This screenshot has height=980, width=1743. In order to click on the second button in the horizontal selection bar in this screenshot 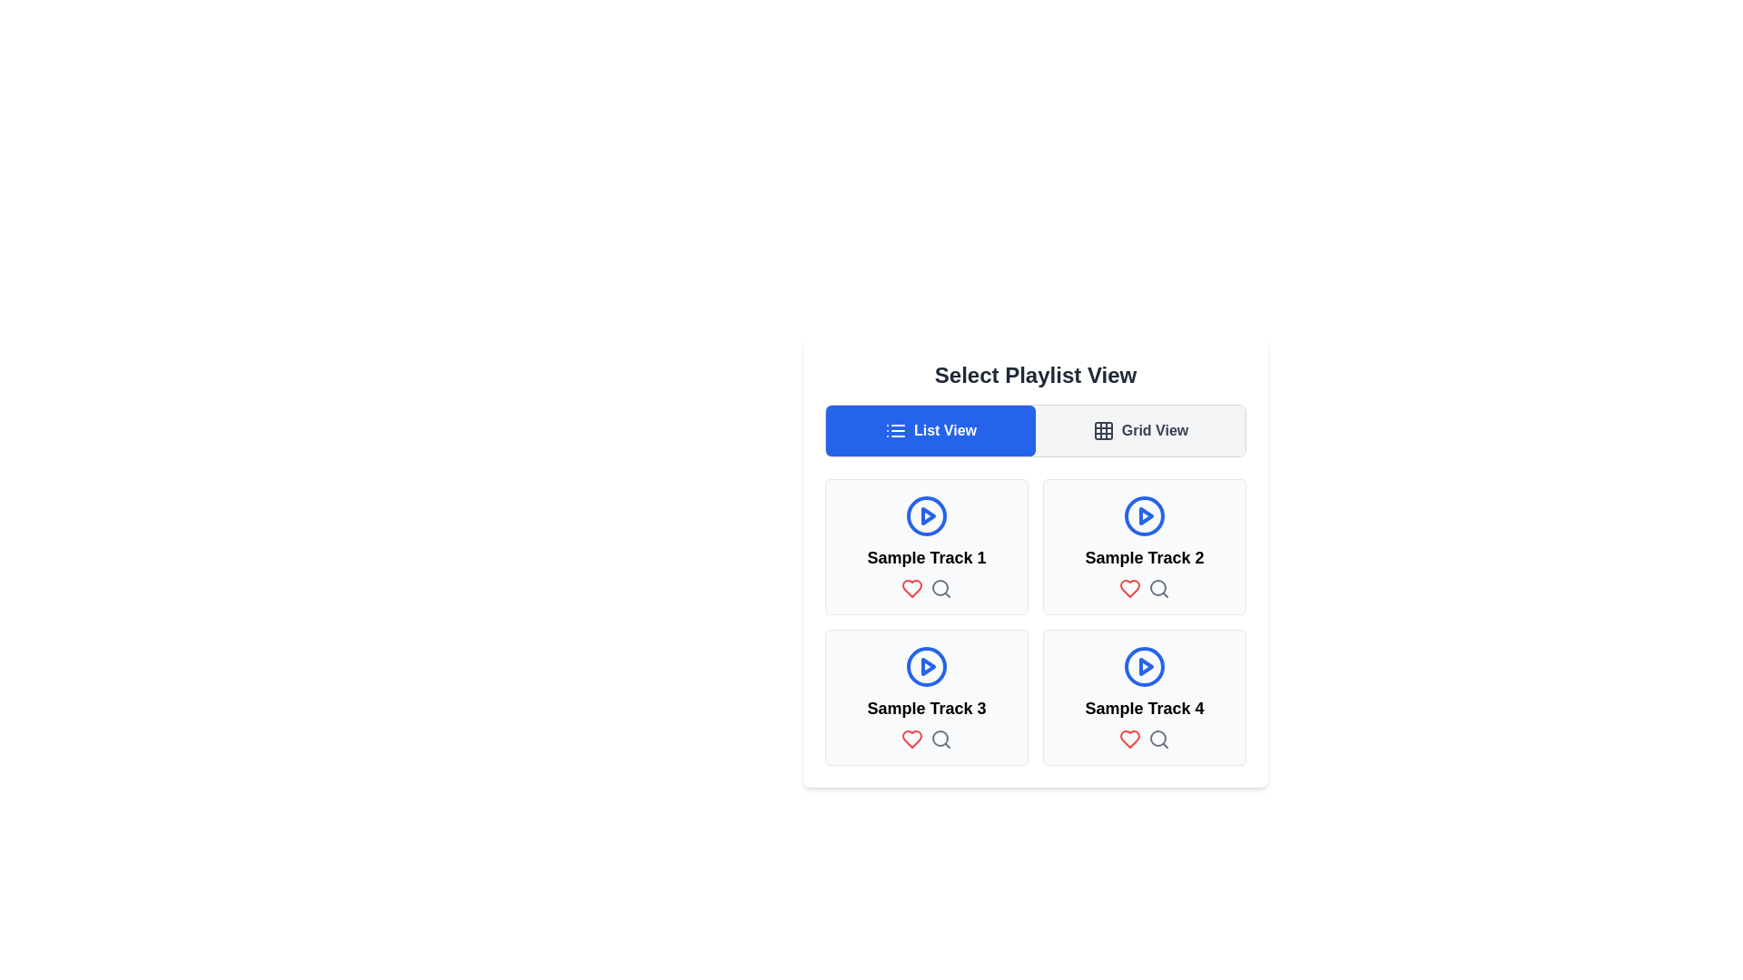, I will do `click(1139, 430)`.